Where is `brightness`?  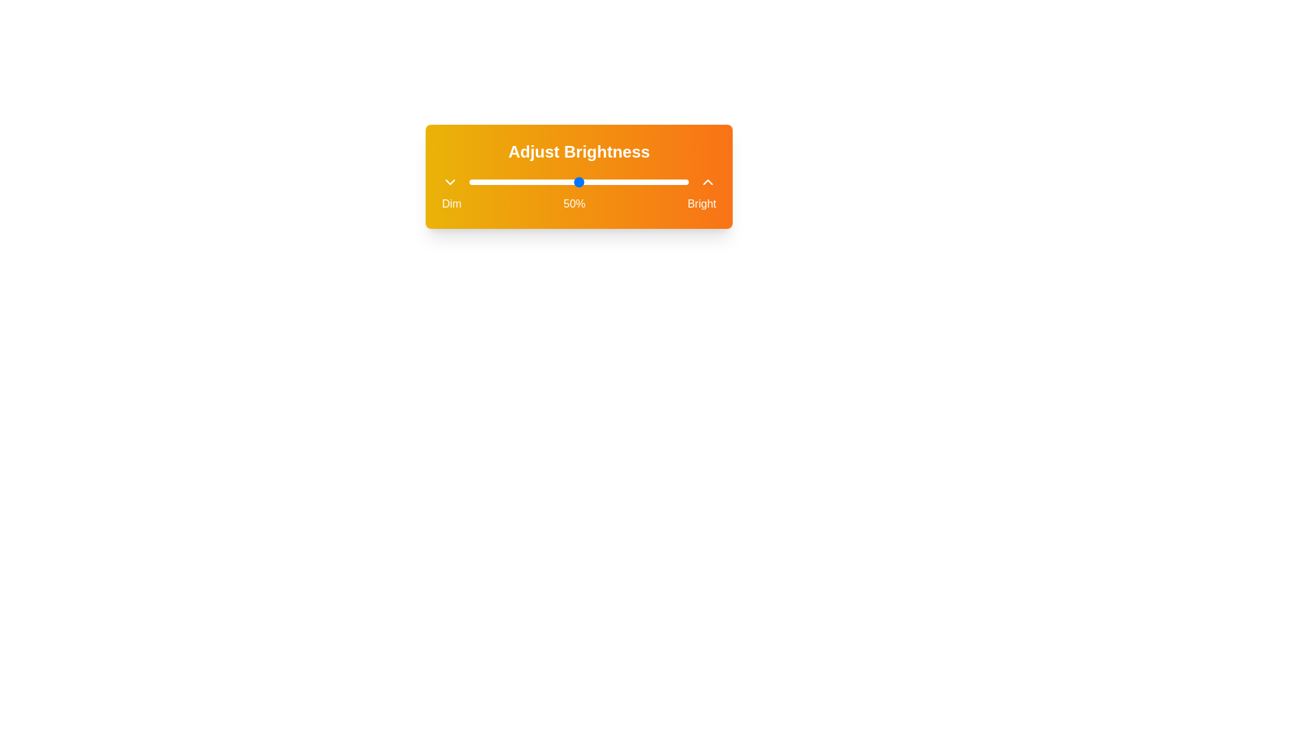 brightness is located at coordinates (563, 182).